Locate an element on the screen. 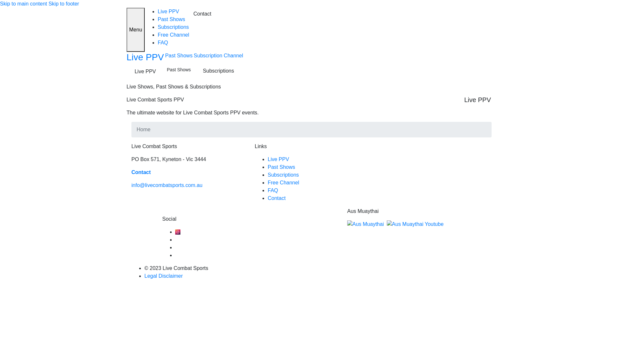 The image size is (623, 350). 'Subscription Channel is located at coordinates (218, 64).